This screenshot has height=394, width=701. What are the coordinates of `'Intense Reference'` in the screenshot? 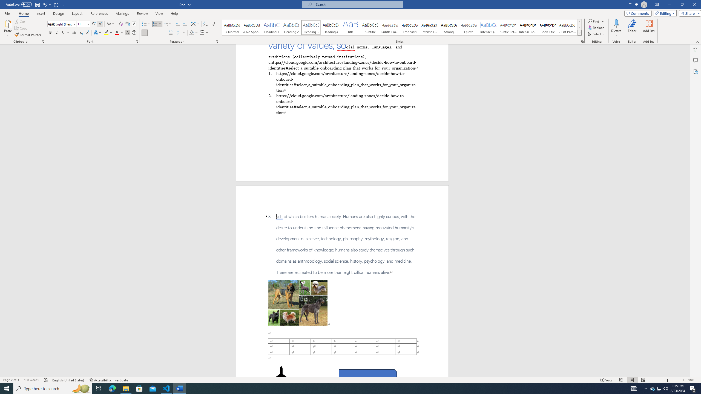 It's located at (528, 27).